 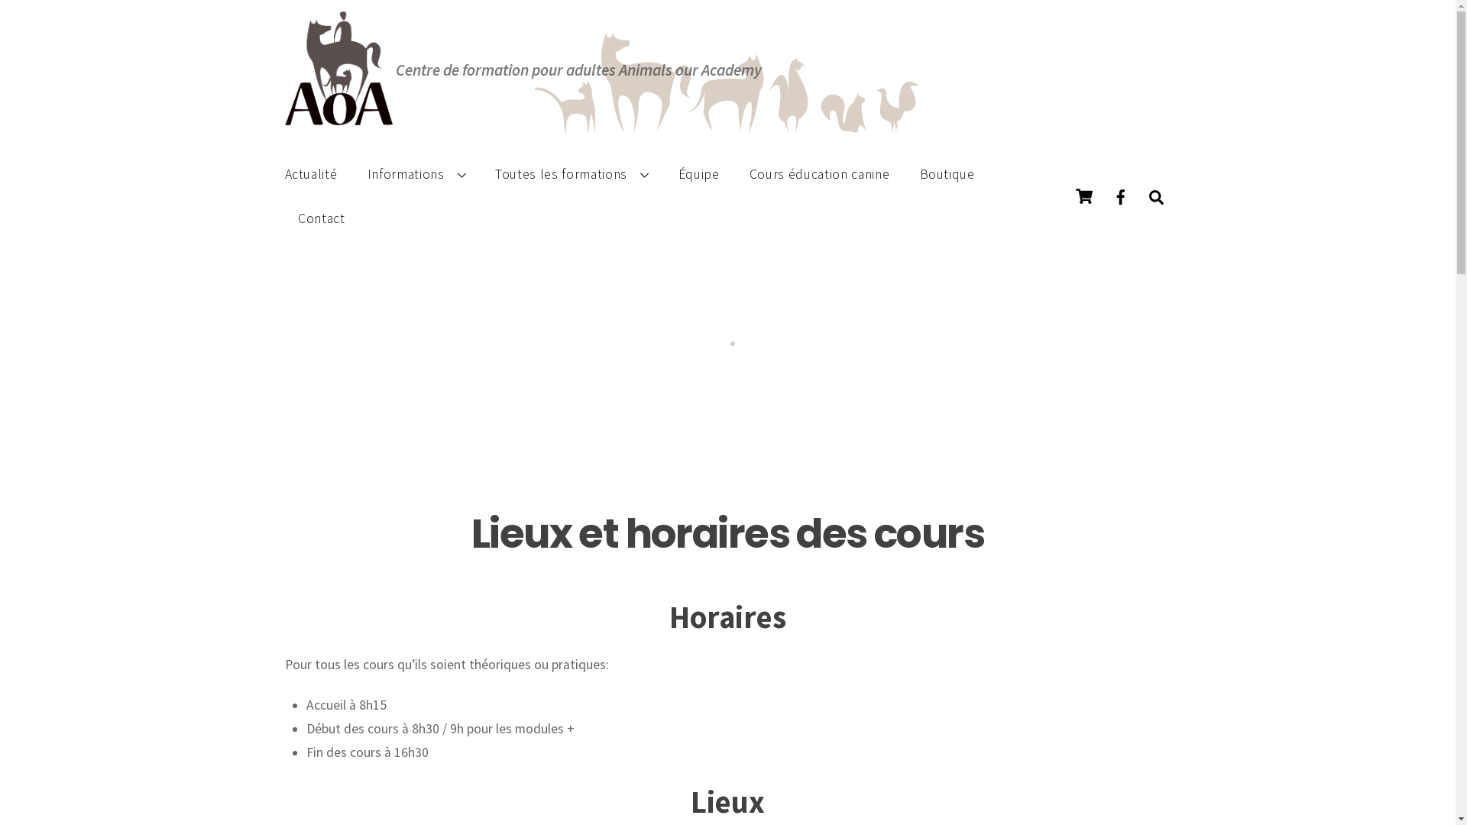 What do you see at coordinates (416, 173) in the screenshot?
I see `'Informations'` at bounding box center [416, 173].